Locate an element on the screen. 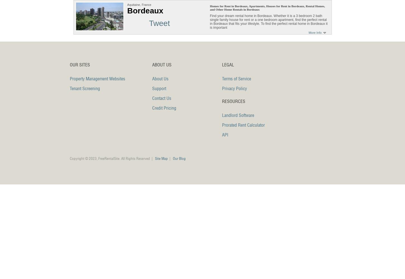 Image resolution: width=405 pixels, height=279 pixels. 'Credit Pricing' is located at coordinates (164, 108).